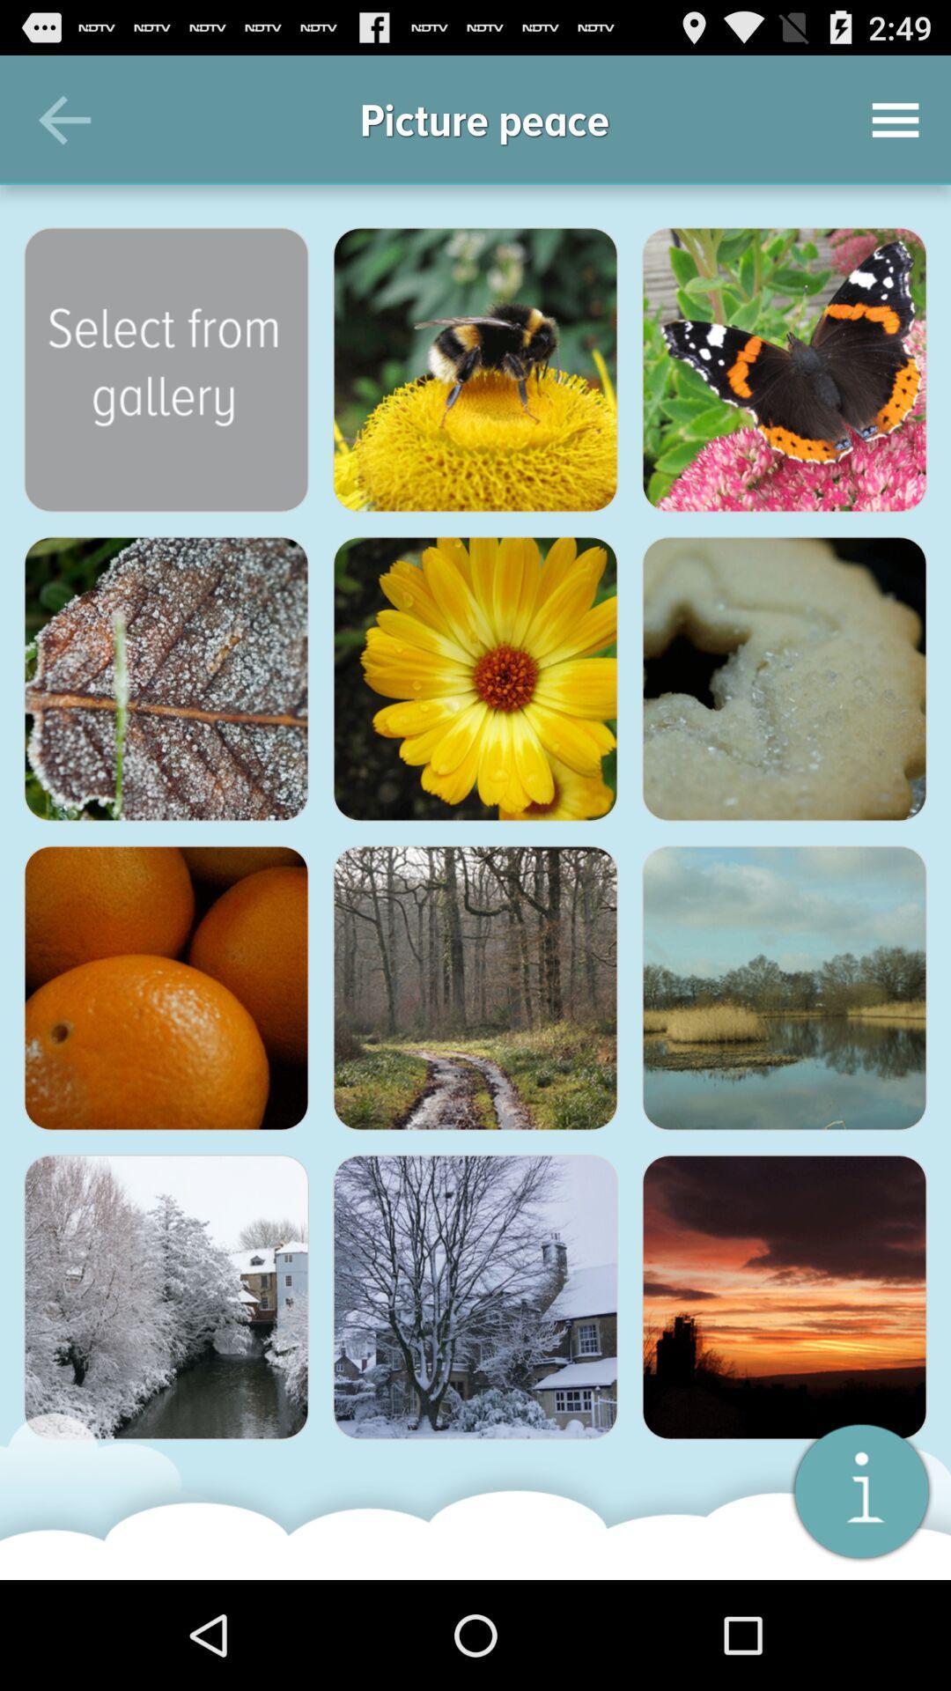 The image size is (951, 1691). What do you see at coordinates (784, 1297) in the screenshot?
I see `picture of sunset` at bounding box center [784, 1297].